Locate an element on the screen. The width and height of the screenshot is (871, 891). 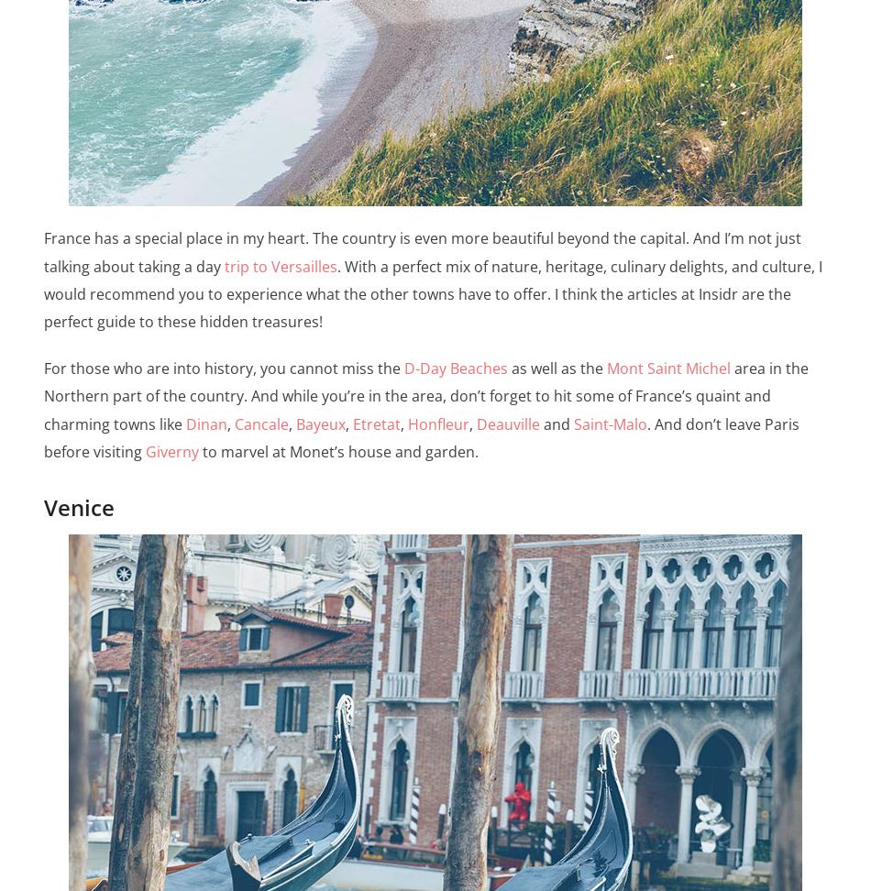
'Honfleur' is located at coordinates (437, 422).